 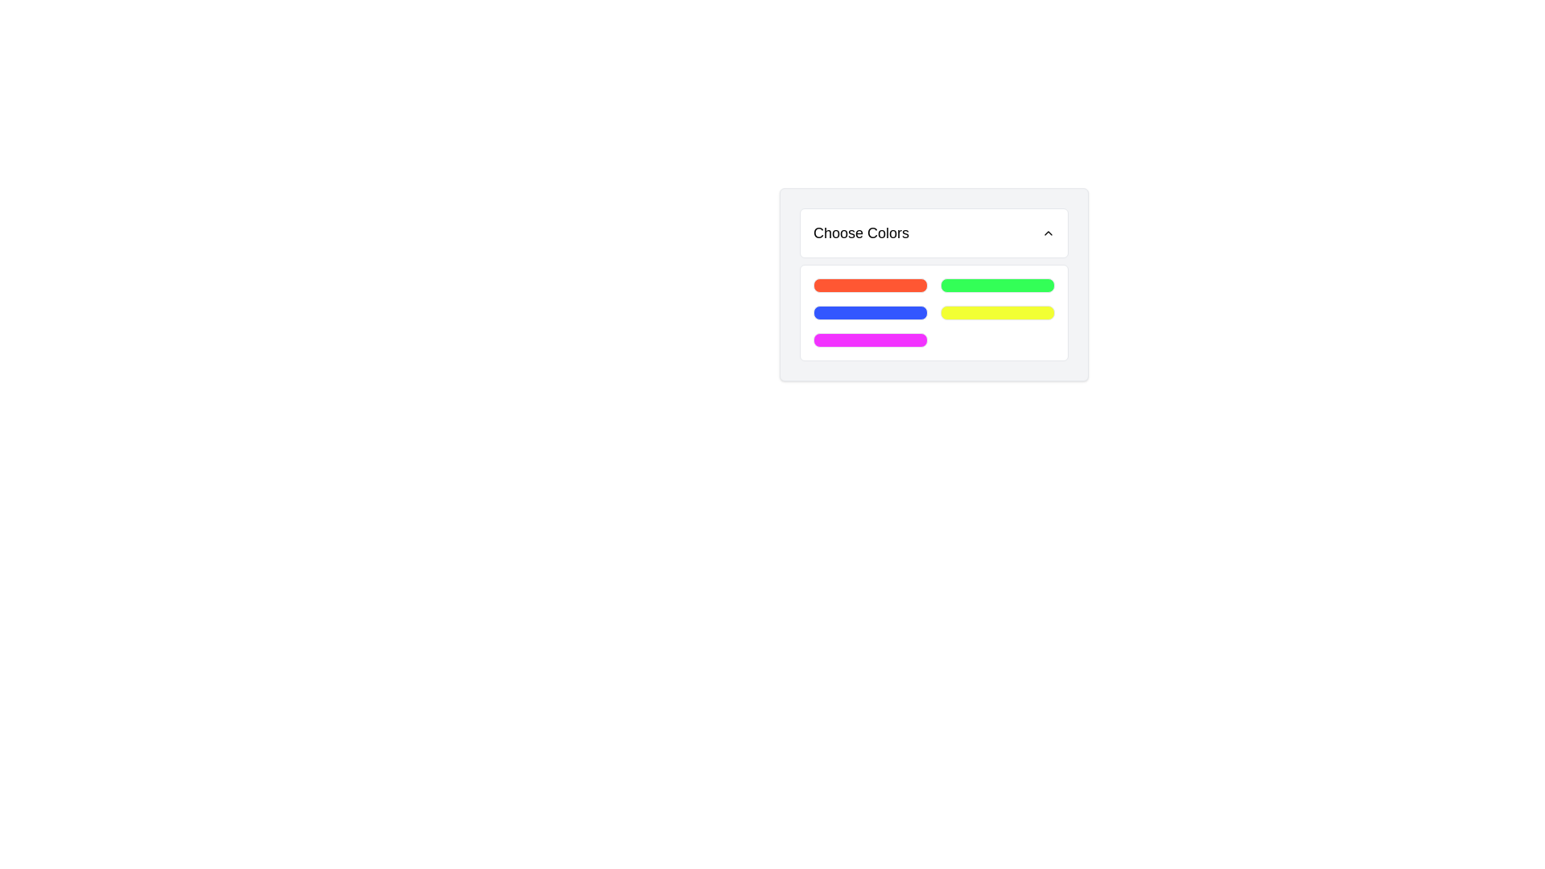 What do you see at coordinates (934, 284) in the screenshot?
I see `the 'Choose Colors' dropdown menu` at bounding box center [934, 284].